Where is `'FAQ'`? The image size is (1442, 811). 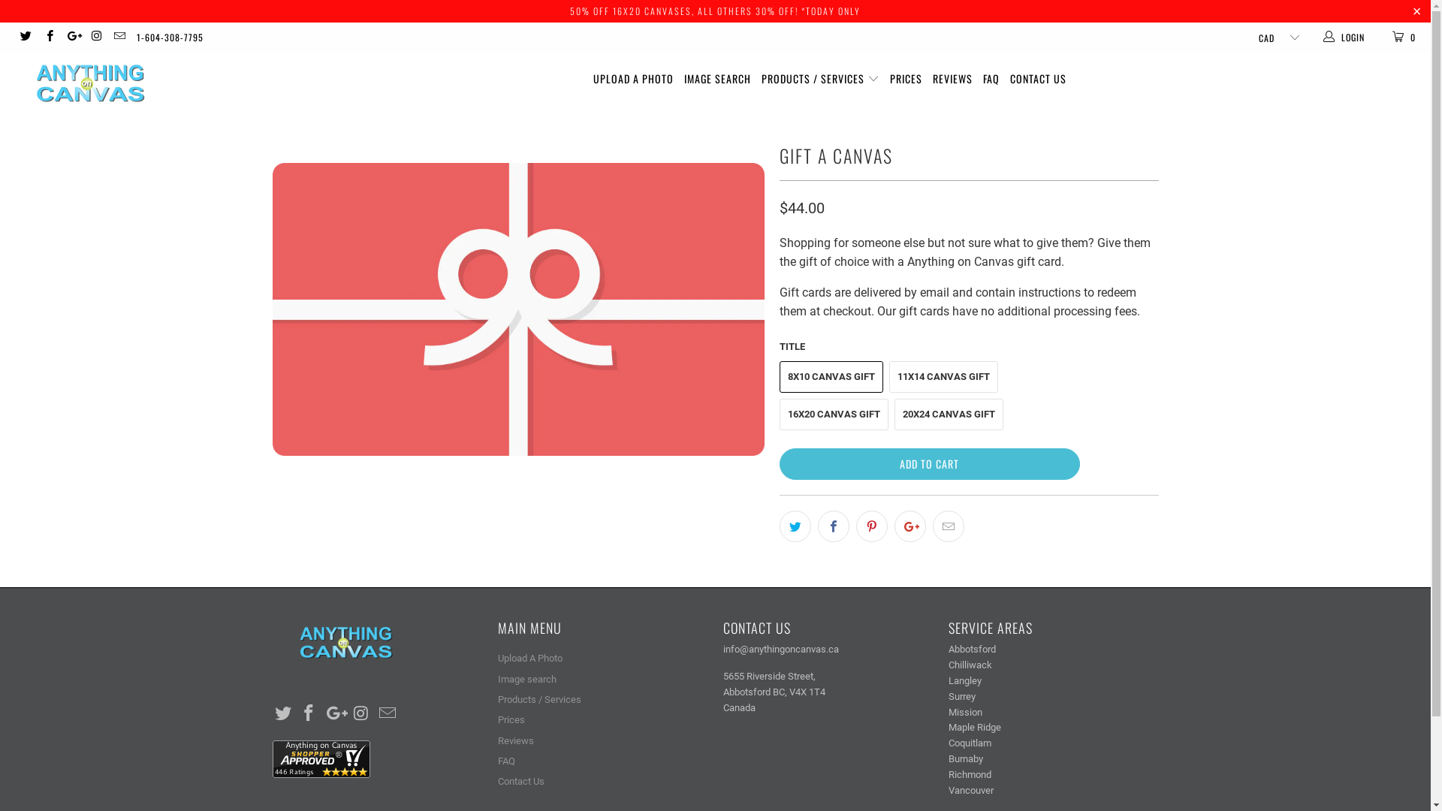 'FAQ' is located at coordinates (983, 79).